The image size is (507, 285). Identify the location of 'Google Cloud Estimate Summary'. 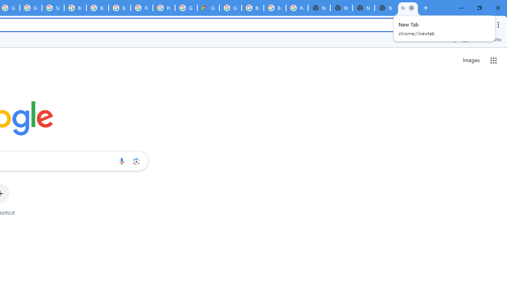
(208, 8).